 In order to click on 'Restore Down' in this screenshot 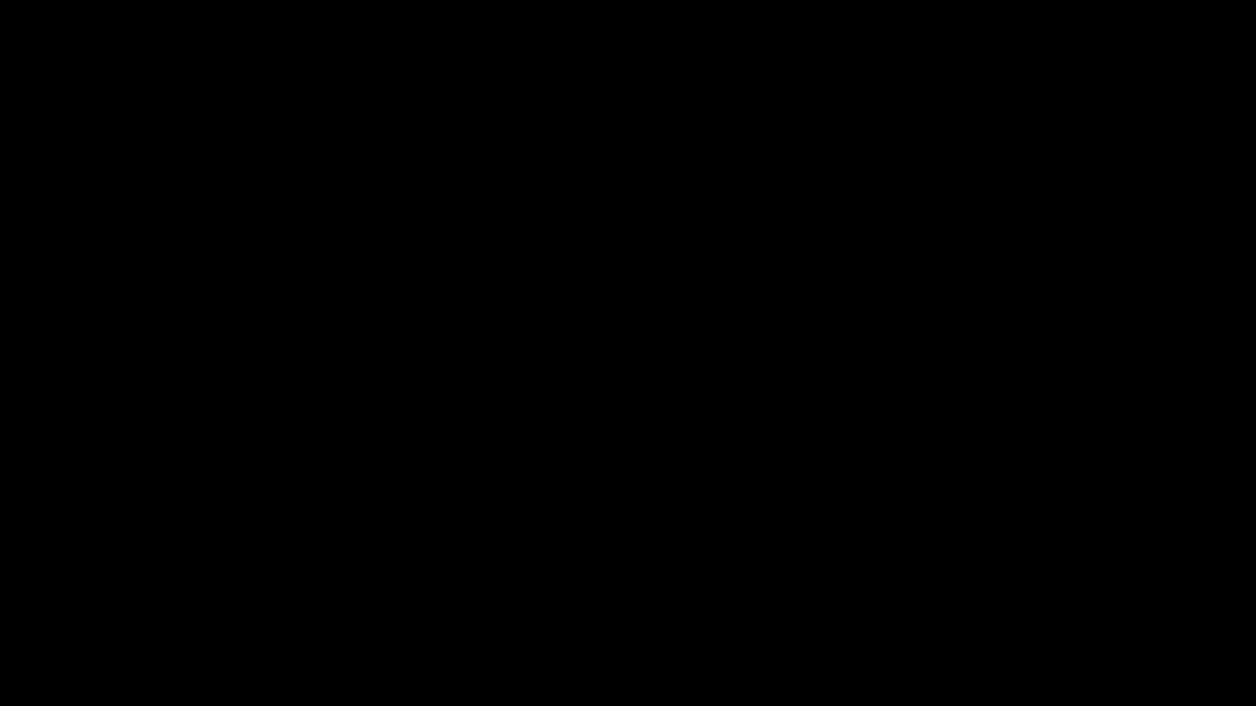, I will do `click(1222, 7)`.